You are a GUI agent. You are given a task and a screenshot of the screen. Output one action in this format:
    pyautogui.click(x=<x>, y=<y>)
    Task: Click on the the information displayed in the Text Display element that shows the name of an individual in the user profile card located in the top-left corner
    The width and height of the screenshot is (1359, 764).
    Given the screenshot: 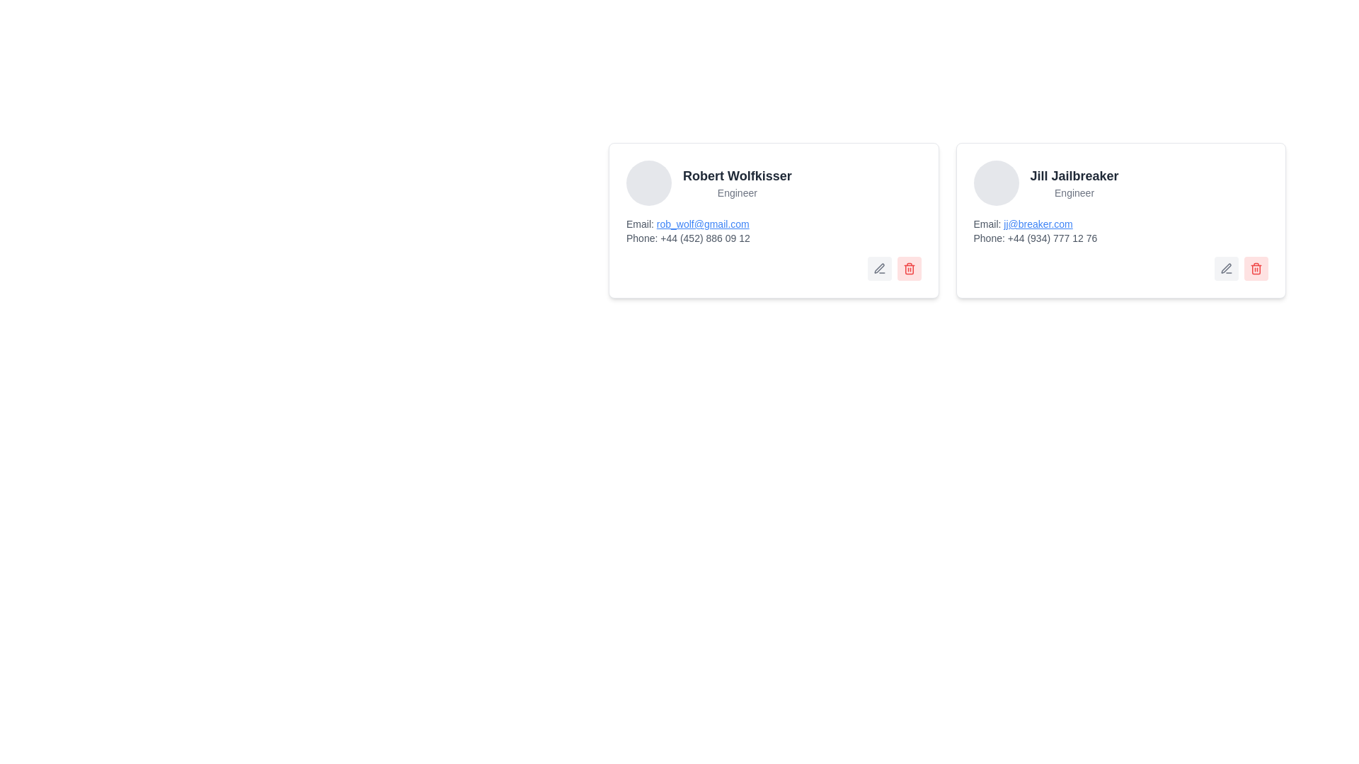 What is the action you would take?
    pyautogui.click(x=736, y=175)
    